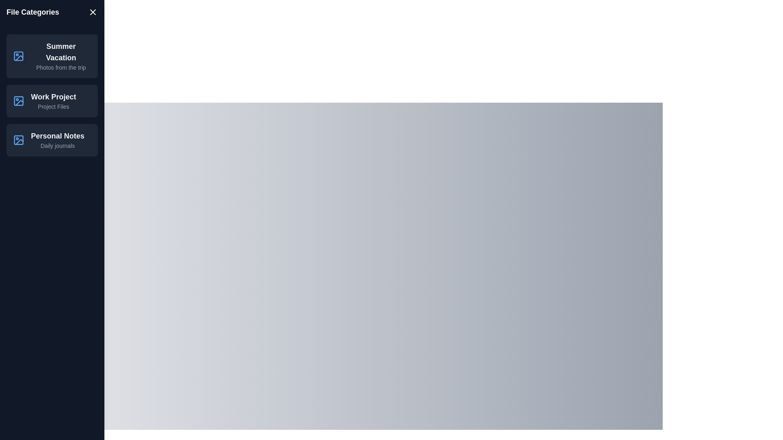 Image resolution: width=783 pixels, height=440 pixels. Describe the element at coordinates (52, 139) in the screenshot. I see `the item Personal Notes from the list to view its details` at that location.